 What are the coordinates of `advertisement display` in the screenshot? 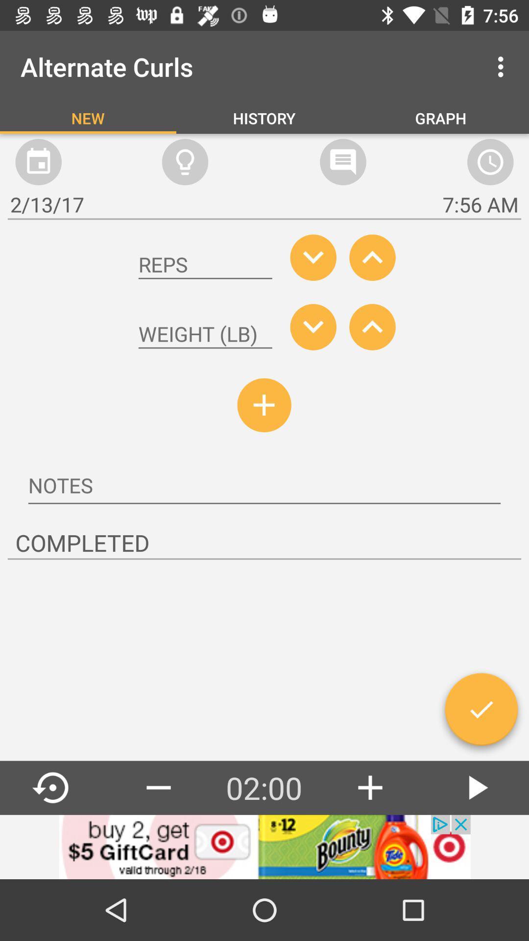 It's located at (264, 846).